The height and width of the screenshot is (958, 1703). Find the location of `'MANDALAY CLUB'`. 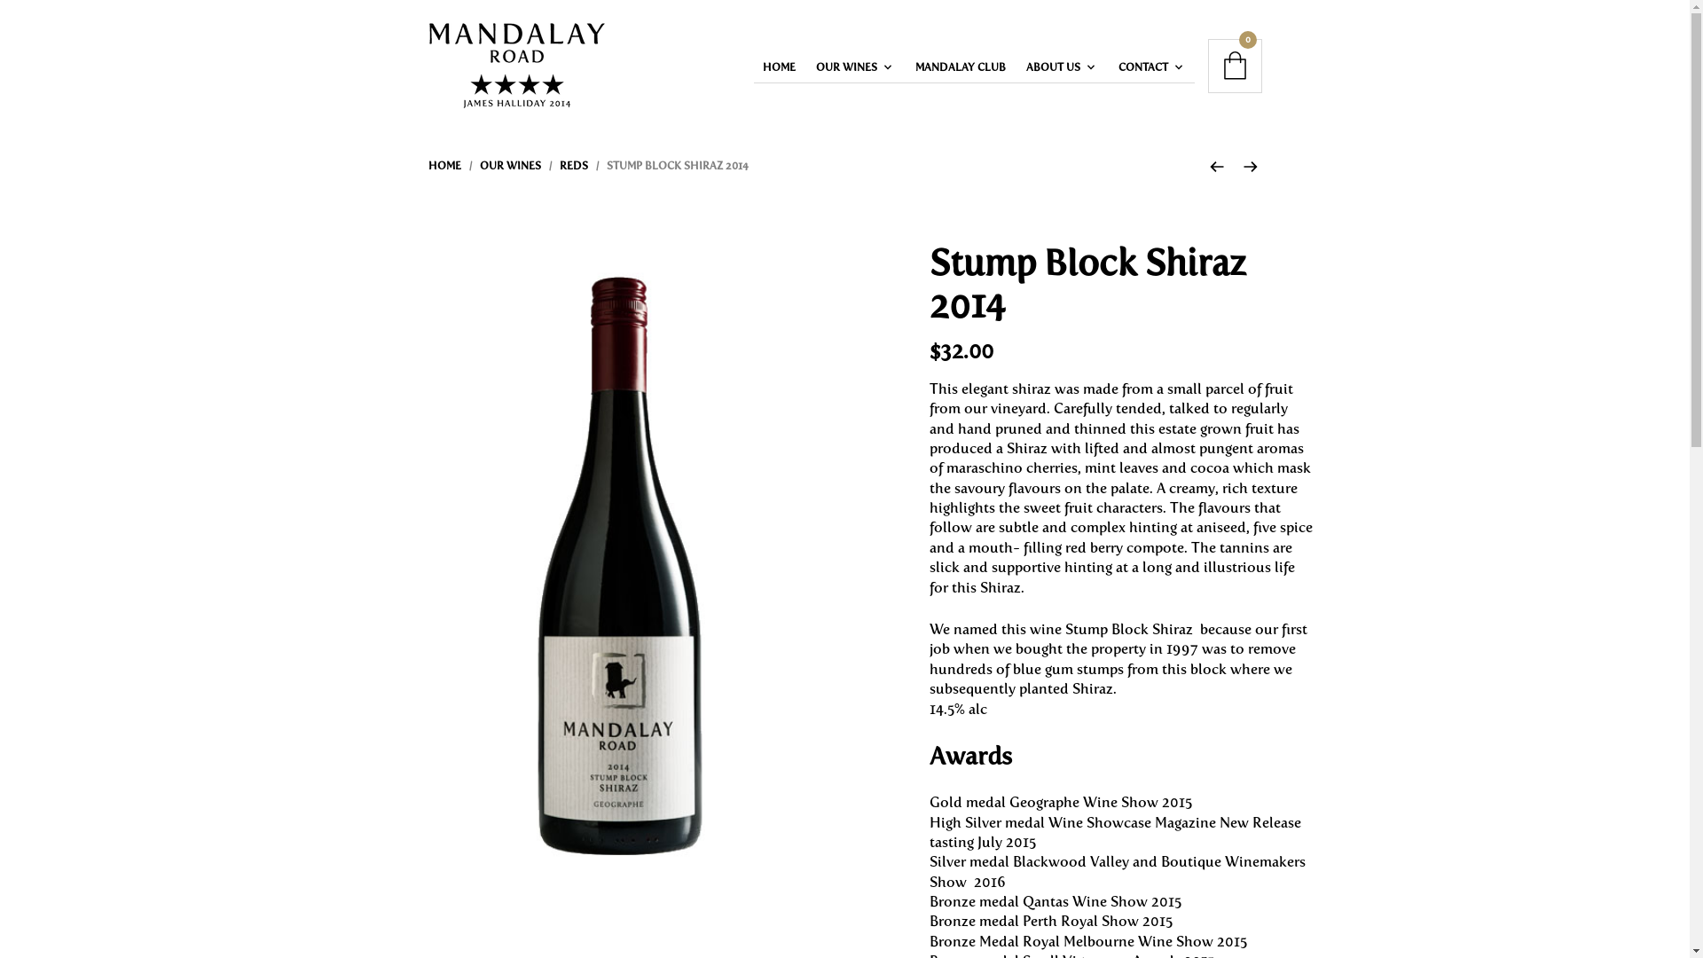

'MANDALAY CLUB' is located at coordinates (960, 67).